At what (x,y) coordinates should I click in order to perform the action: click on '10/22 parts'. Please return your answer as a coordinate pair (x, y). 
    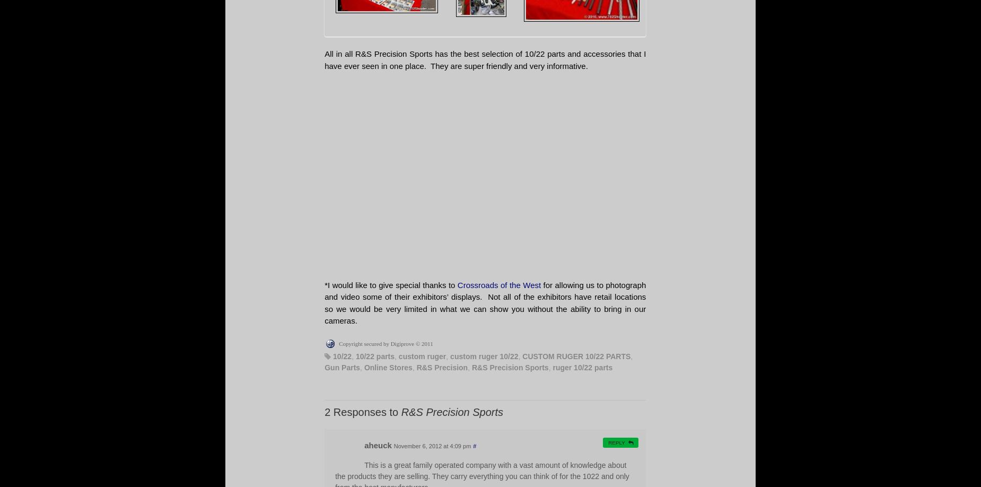
    Looking at the image, I should click on (375, 355).